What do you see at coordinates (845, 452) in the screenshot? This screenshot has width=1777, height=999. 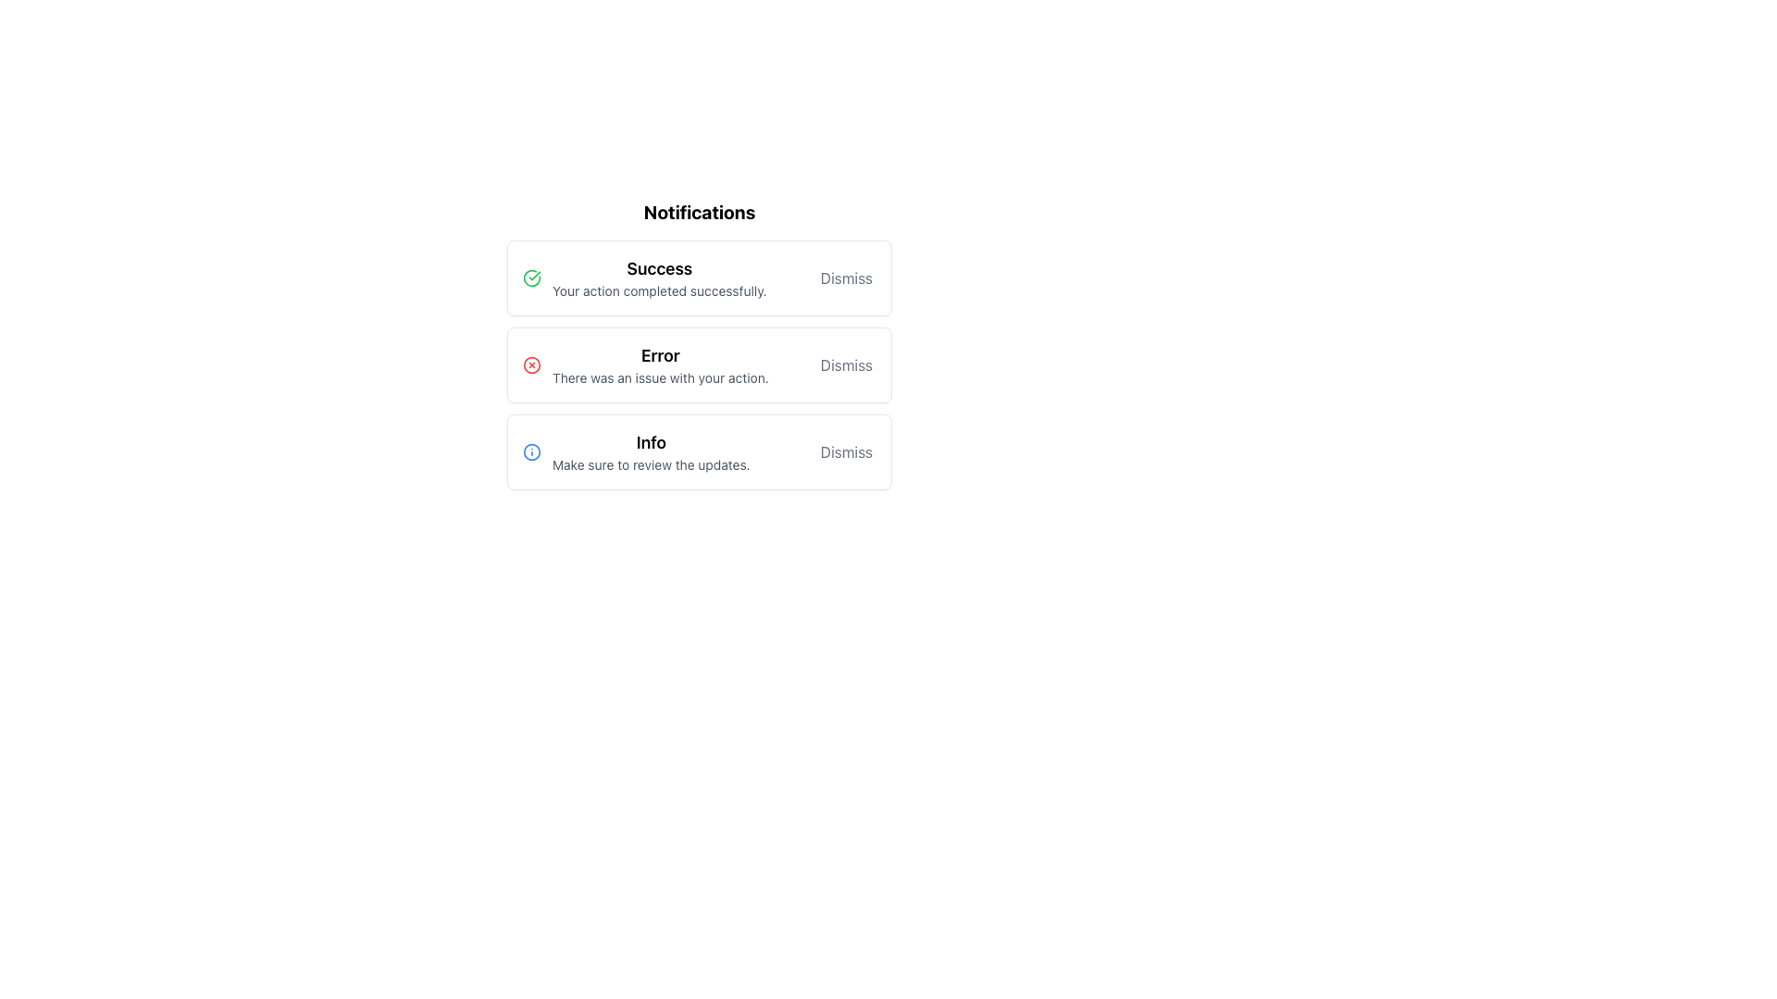 I see `the 'Dismiss' button located in the bottom-right corner of the notification card to observe the styling change when the button darkens` at bounding box center [845, 452].